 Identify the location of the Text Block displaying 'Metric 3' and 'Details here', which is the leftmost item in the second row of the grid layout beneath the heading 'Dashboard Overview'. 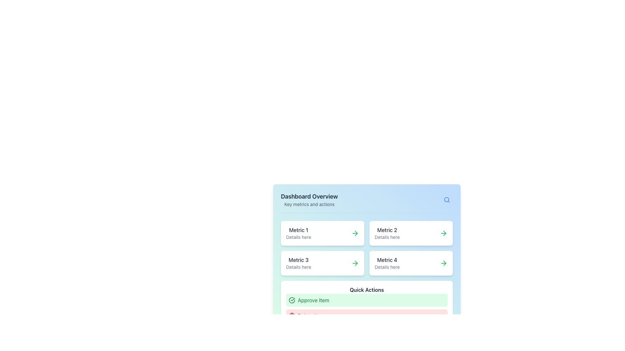
(298, 263).